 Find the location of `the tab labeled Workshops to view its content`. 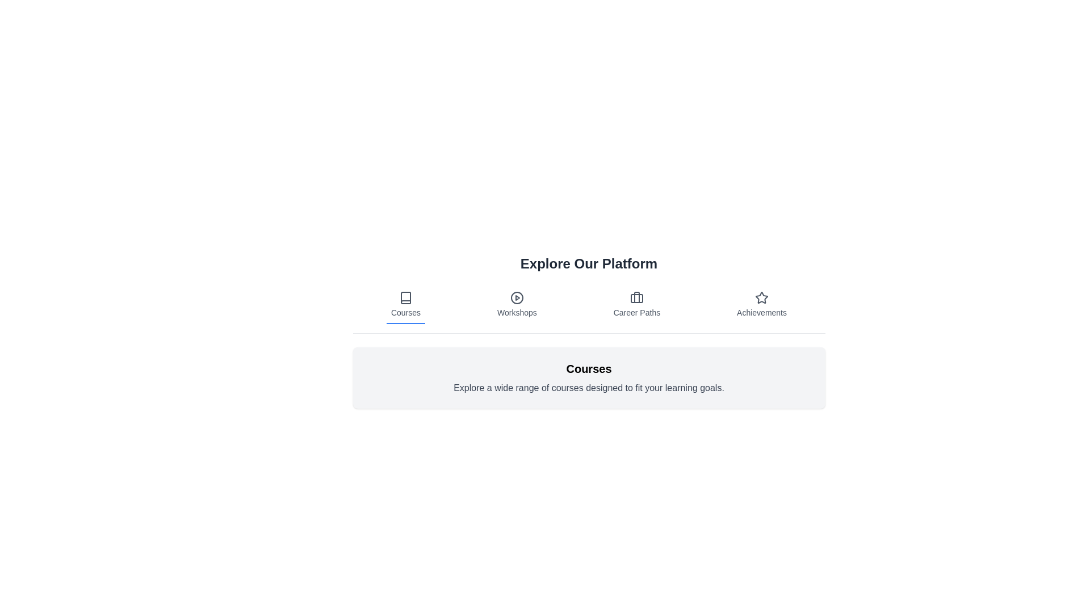

the tab labeled Workshops to view its content is located at coordinates (516, 304).